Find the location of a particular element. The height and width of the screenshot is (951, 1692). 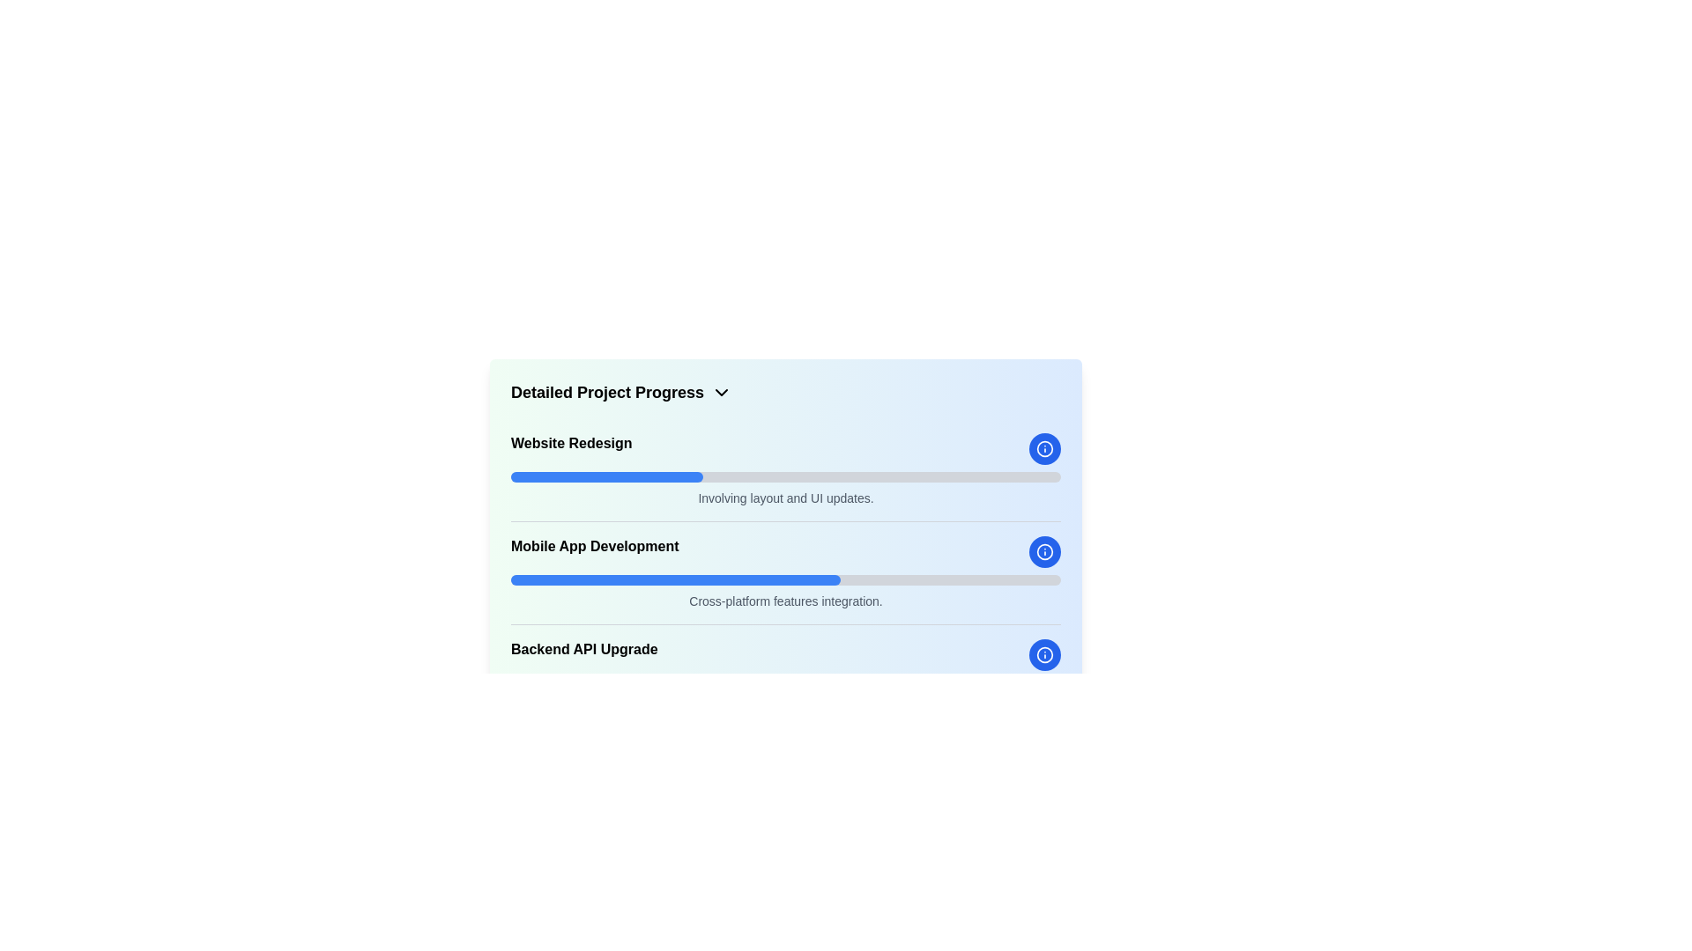

the horizontal progress bar located below the 'Website Redesign' text and above the 'Involving layout and UI updates.' description, which has a gray background and a blue fill is located at coordinates (785, 477).